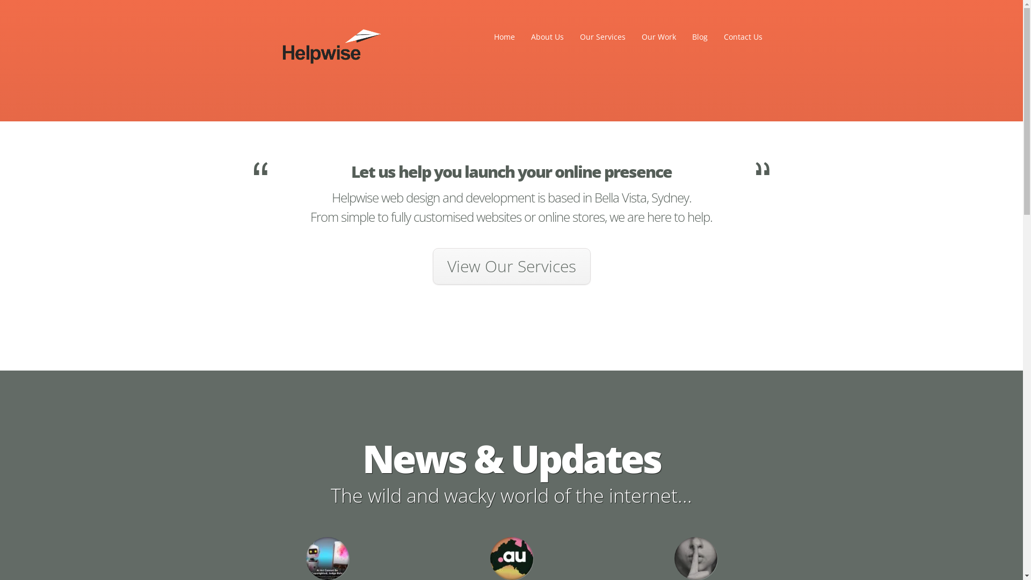 The image size is (1031, 580). Describe the element at coordinates (486, 37) in the screenshot. I see `'Home'` at that location.